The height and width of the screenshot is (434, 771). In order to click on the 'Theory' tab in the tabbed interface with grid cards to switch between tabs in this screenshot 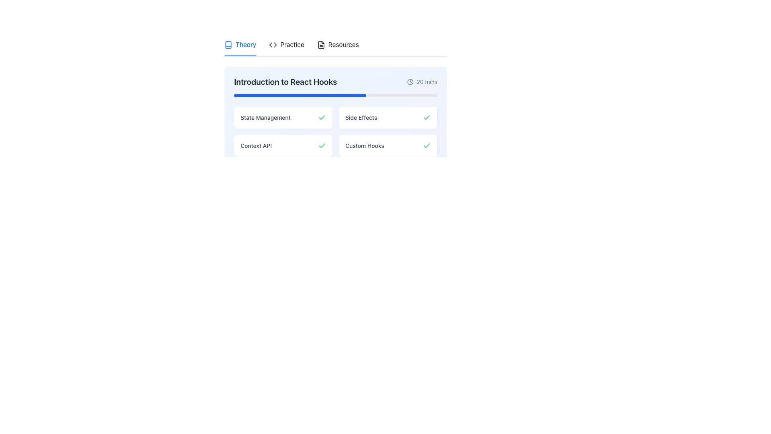, I will do `click(335, 99)`.